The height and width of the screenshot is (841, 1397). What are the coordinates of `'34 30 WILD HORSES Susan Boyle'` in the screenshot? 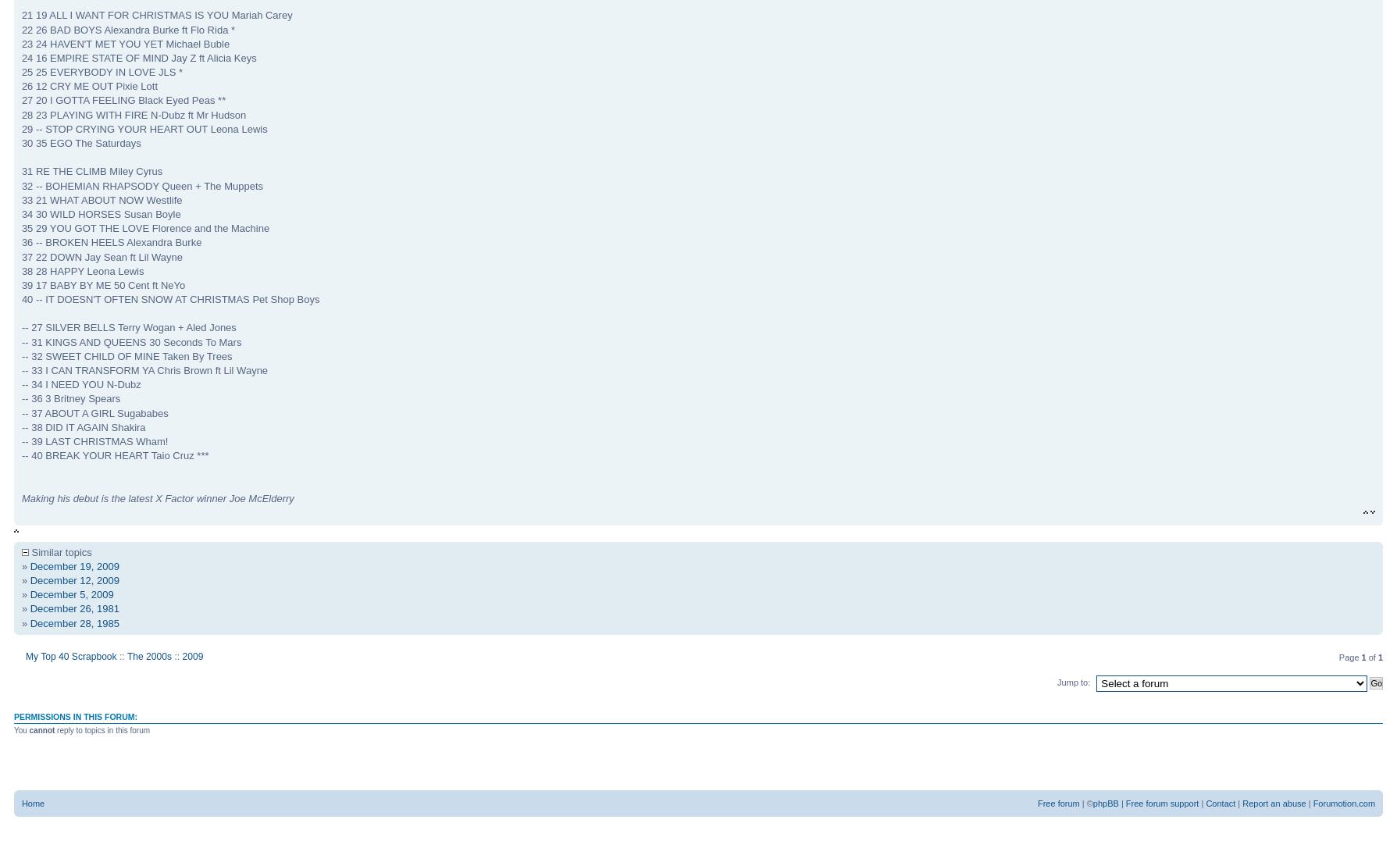 It's located at (100, 212).